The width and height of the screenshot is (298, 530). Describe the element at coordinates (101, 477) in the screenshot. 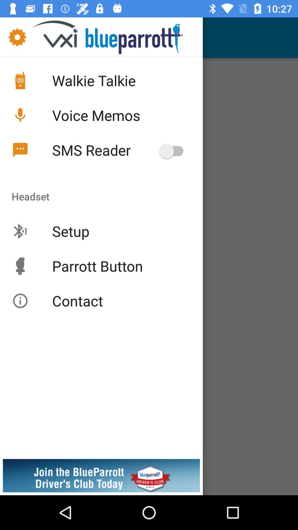

I see `the image below contact` at that location.